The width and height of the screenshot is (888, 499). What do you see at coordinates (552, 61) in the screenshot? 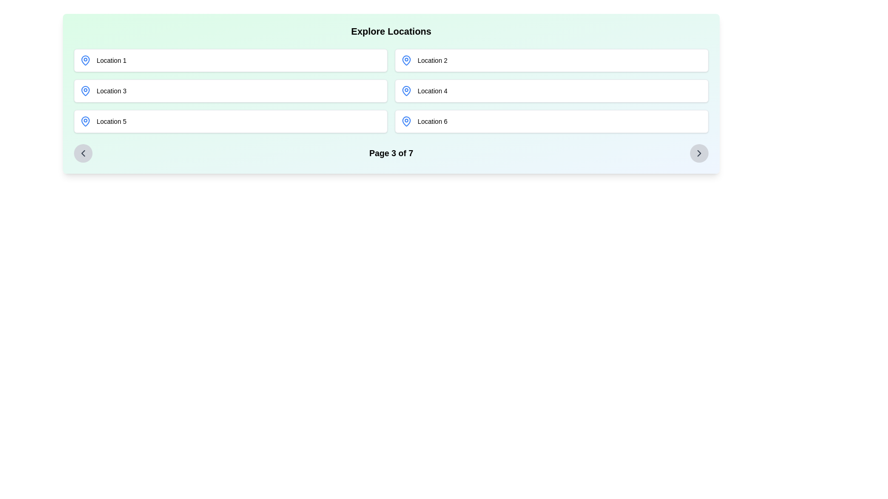
I see `the button in the first row, second column under 'Explore Locations'` at bounding box center [552, 61].